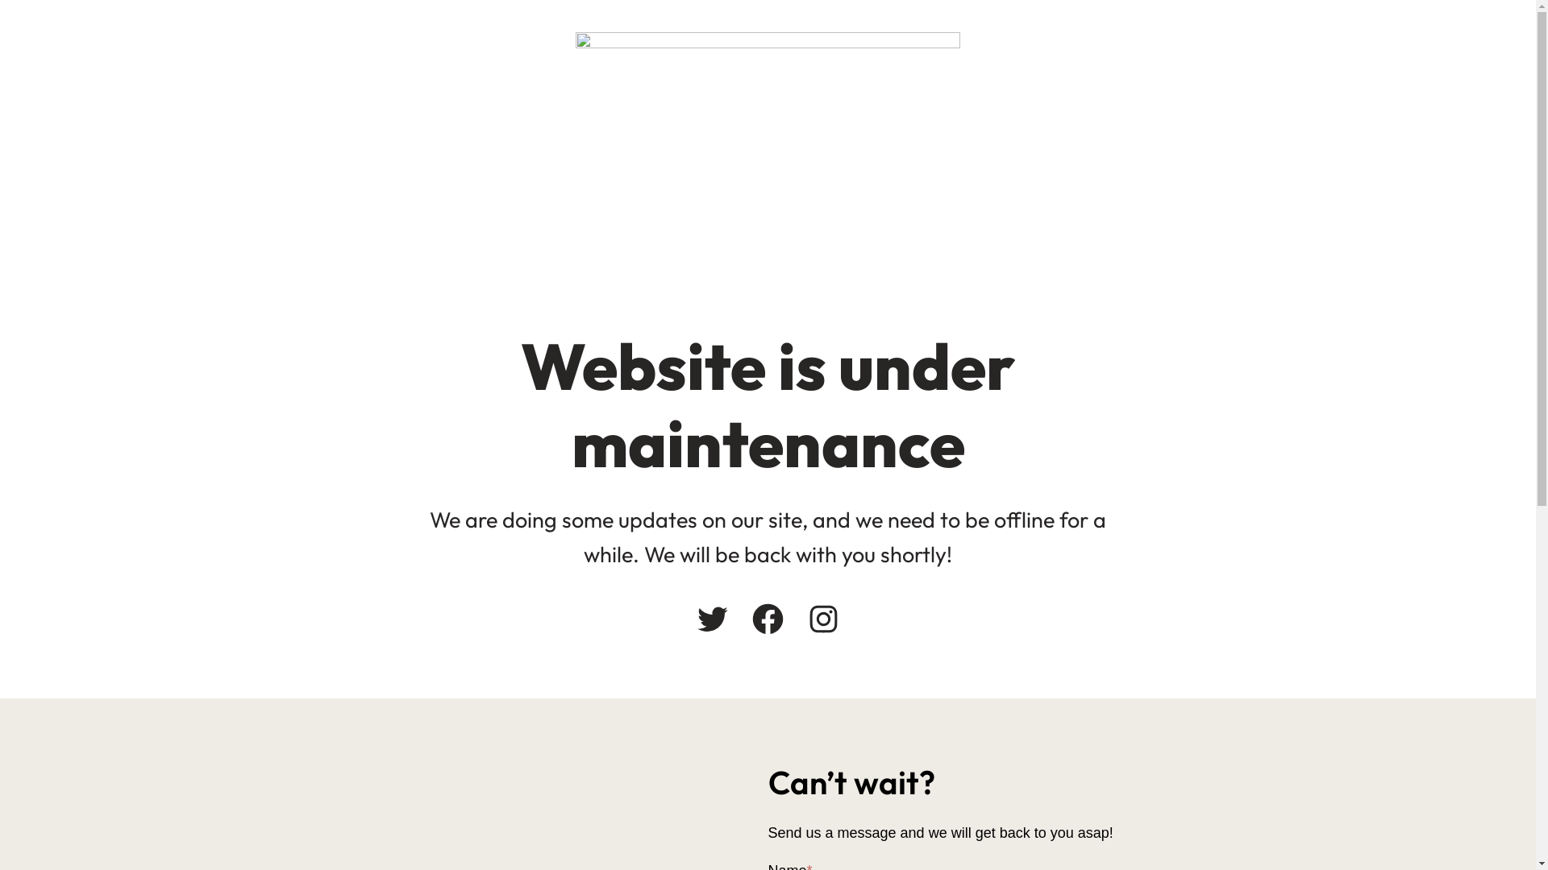 This screenshot has height=870, width=1548. What do you see at coordinates (711, 618) in the screenshot?
I see `'Twitter'` at bounding box center [711, 618].